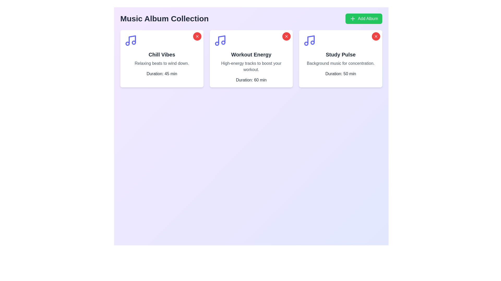 This screenshot has height=281, width=501. Describe the element at coordinates (162, 59) in the screenshot. I see `the text on the first card component in the music playlist grid` at that location.